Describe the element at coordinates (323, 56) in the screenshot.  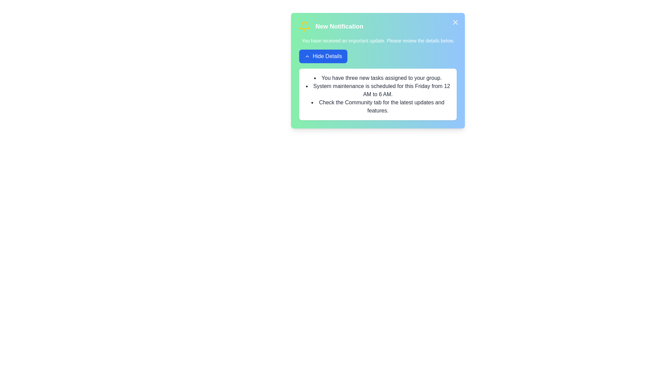
I see `the 'Hide Details' button to toggle the visibility of the detailed information` at that location.